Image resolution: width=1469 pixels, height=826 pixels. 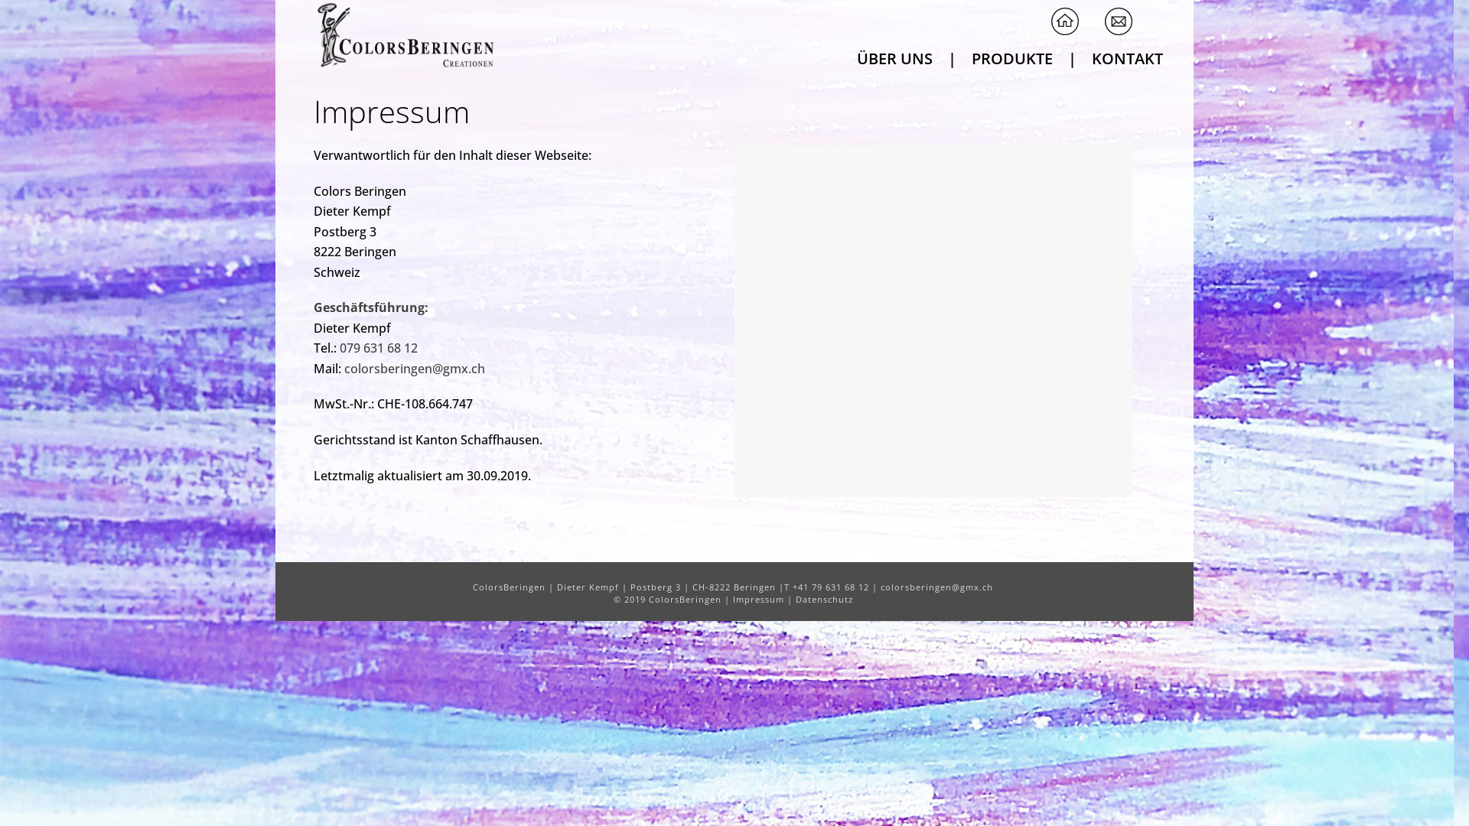 I want to click on 'Malfarbenmanufaktur seit 1996', so click(x=403, y=34).